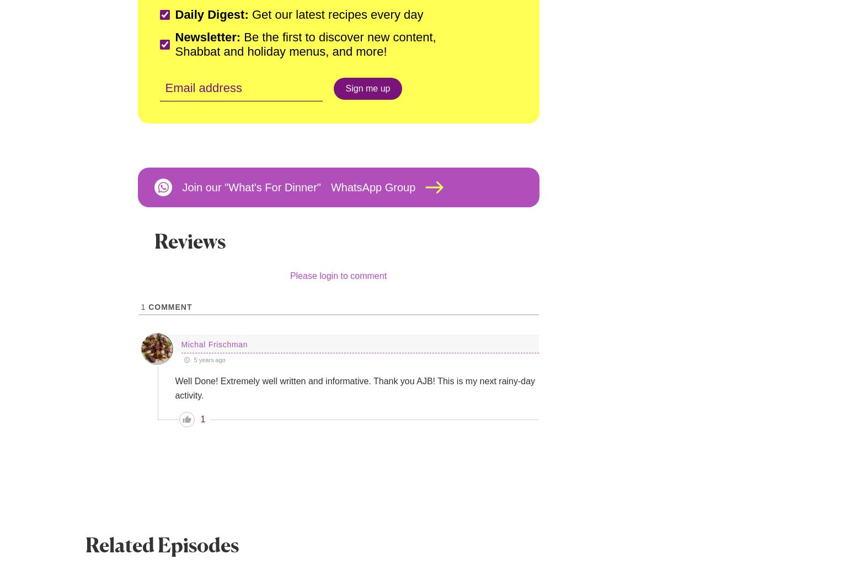  Describe the element at coordinates (162, 545) in the screenshot. I see `'Related Episodes'` at that location.